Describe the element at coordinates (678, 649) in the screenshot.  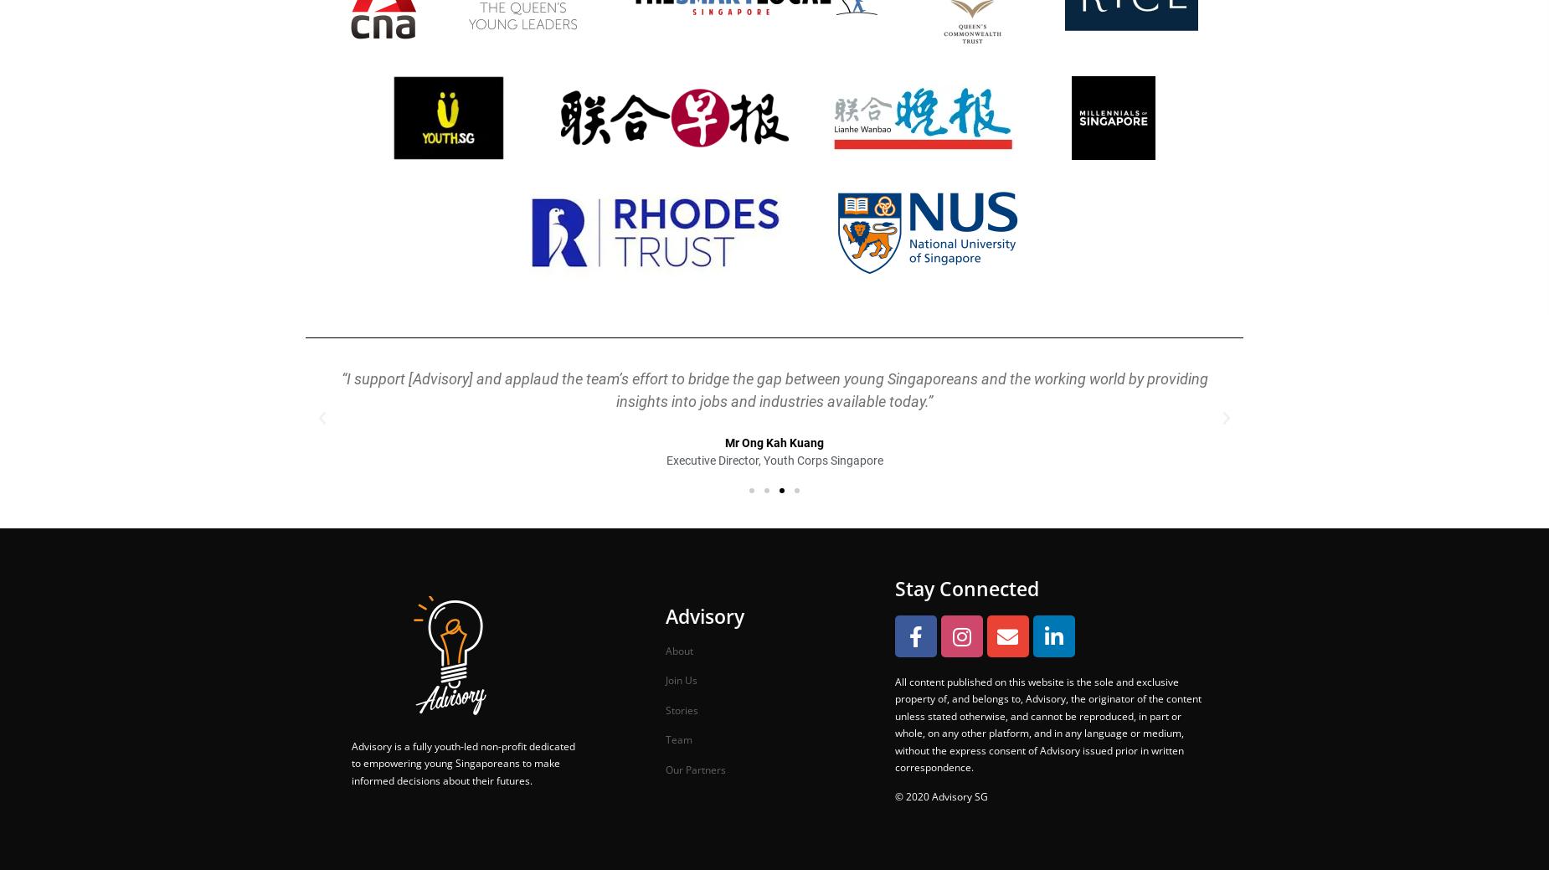
I see `'About'` at that location.